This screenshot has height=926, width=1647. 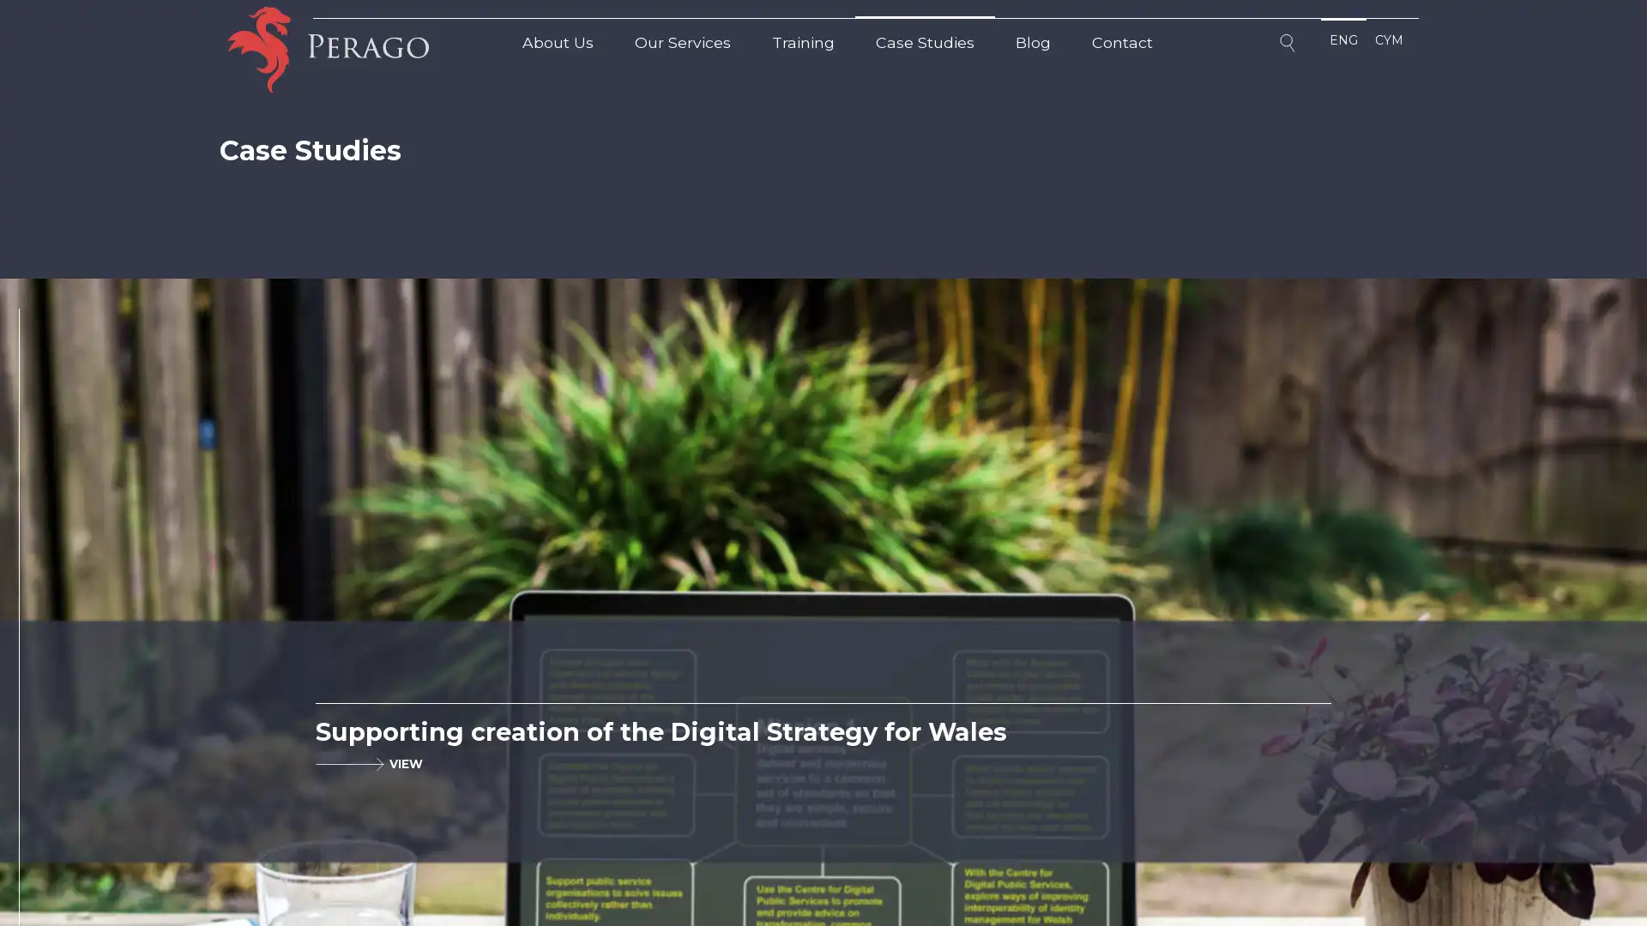 I want to click on Search button, so click(x=1289, y=45).